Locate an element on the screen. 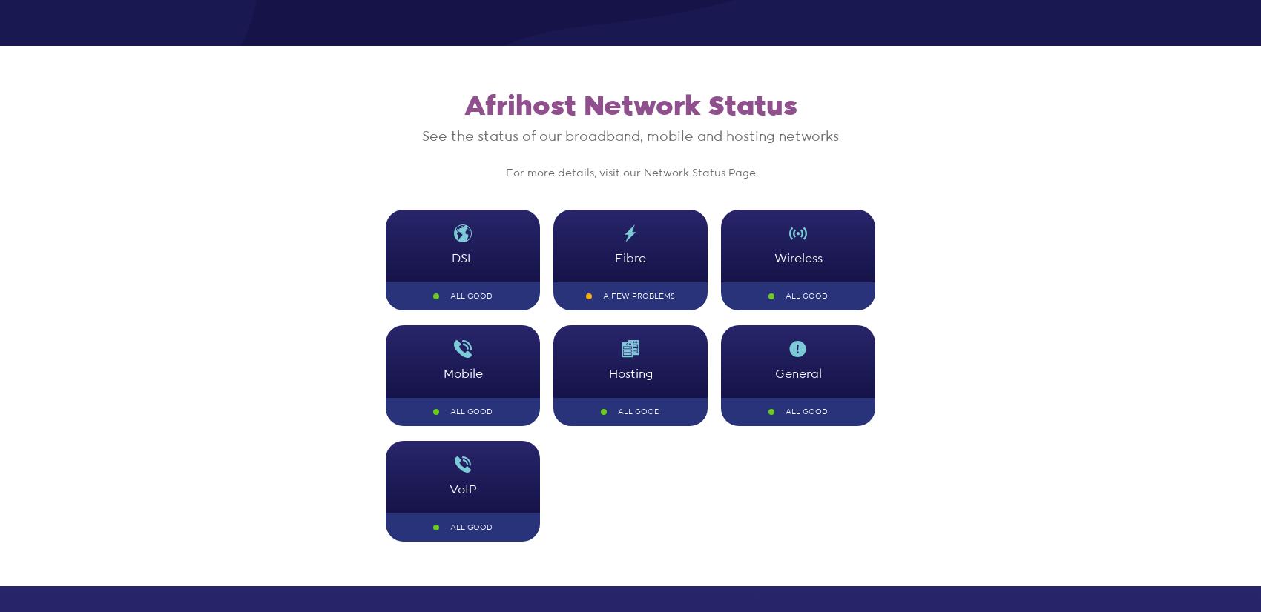 Image resolution: width=1261 pixels, height=612 pixels. 'A few problems' is located at coordinates (639, 296).